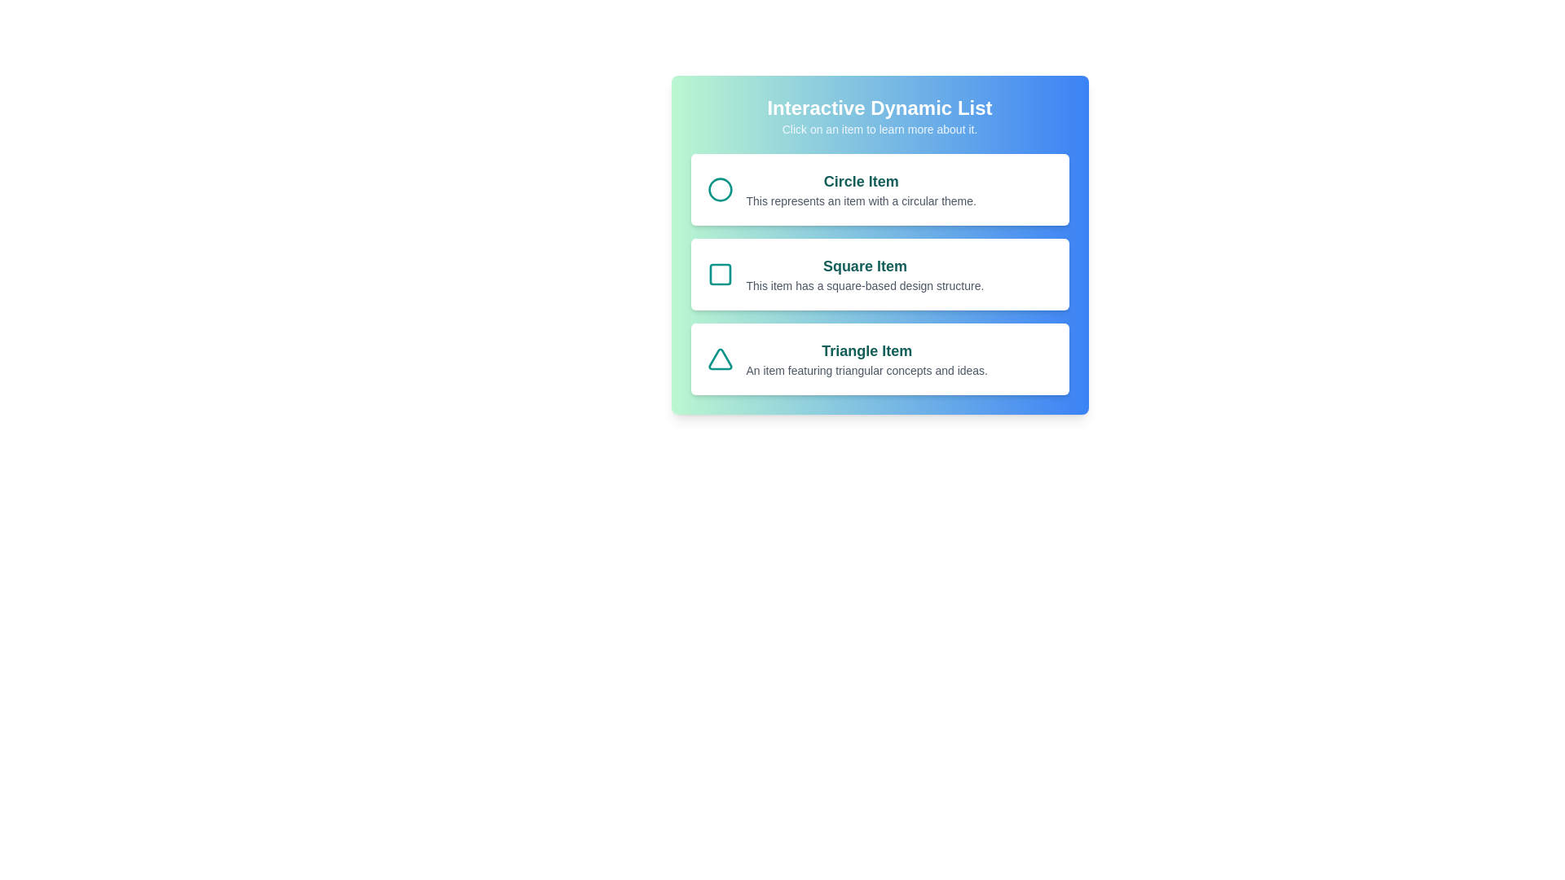 The height and width of the screenshot is (880, 1565). I want to click on the Square Item to learn more about it, so click(879, 273).